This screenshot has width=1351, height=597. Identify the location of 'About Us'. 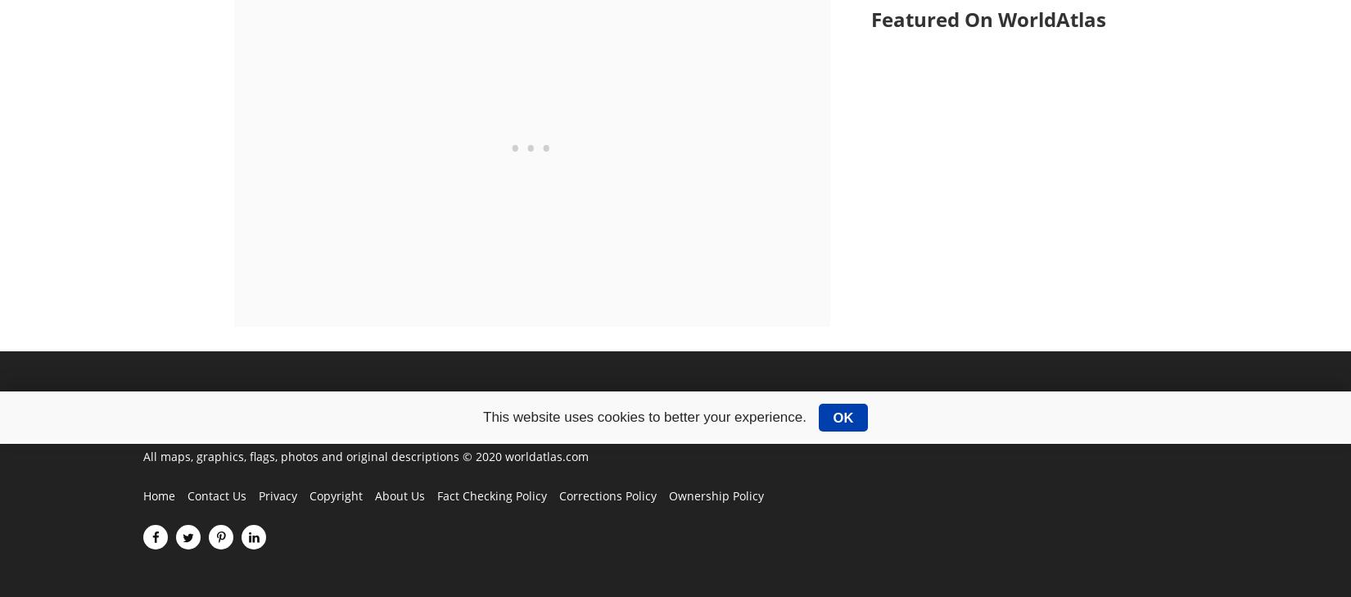
(374, 495).